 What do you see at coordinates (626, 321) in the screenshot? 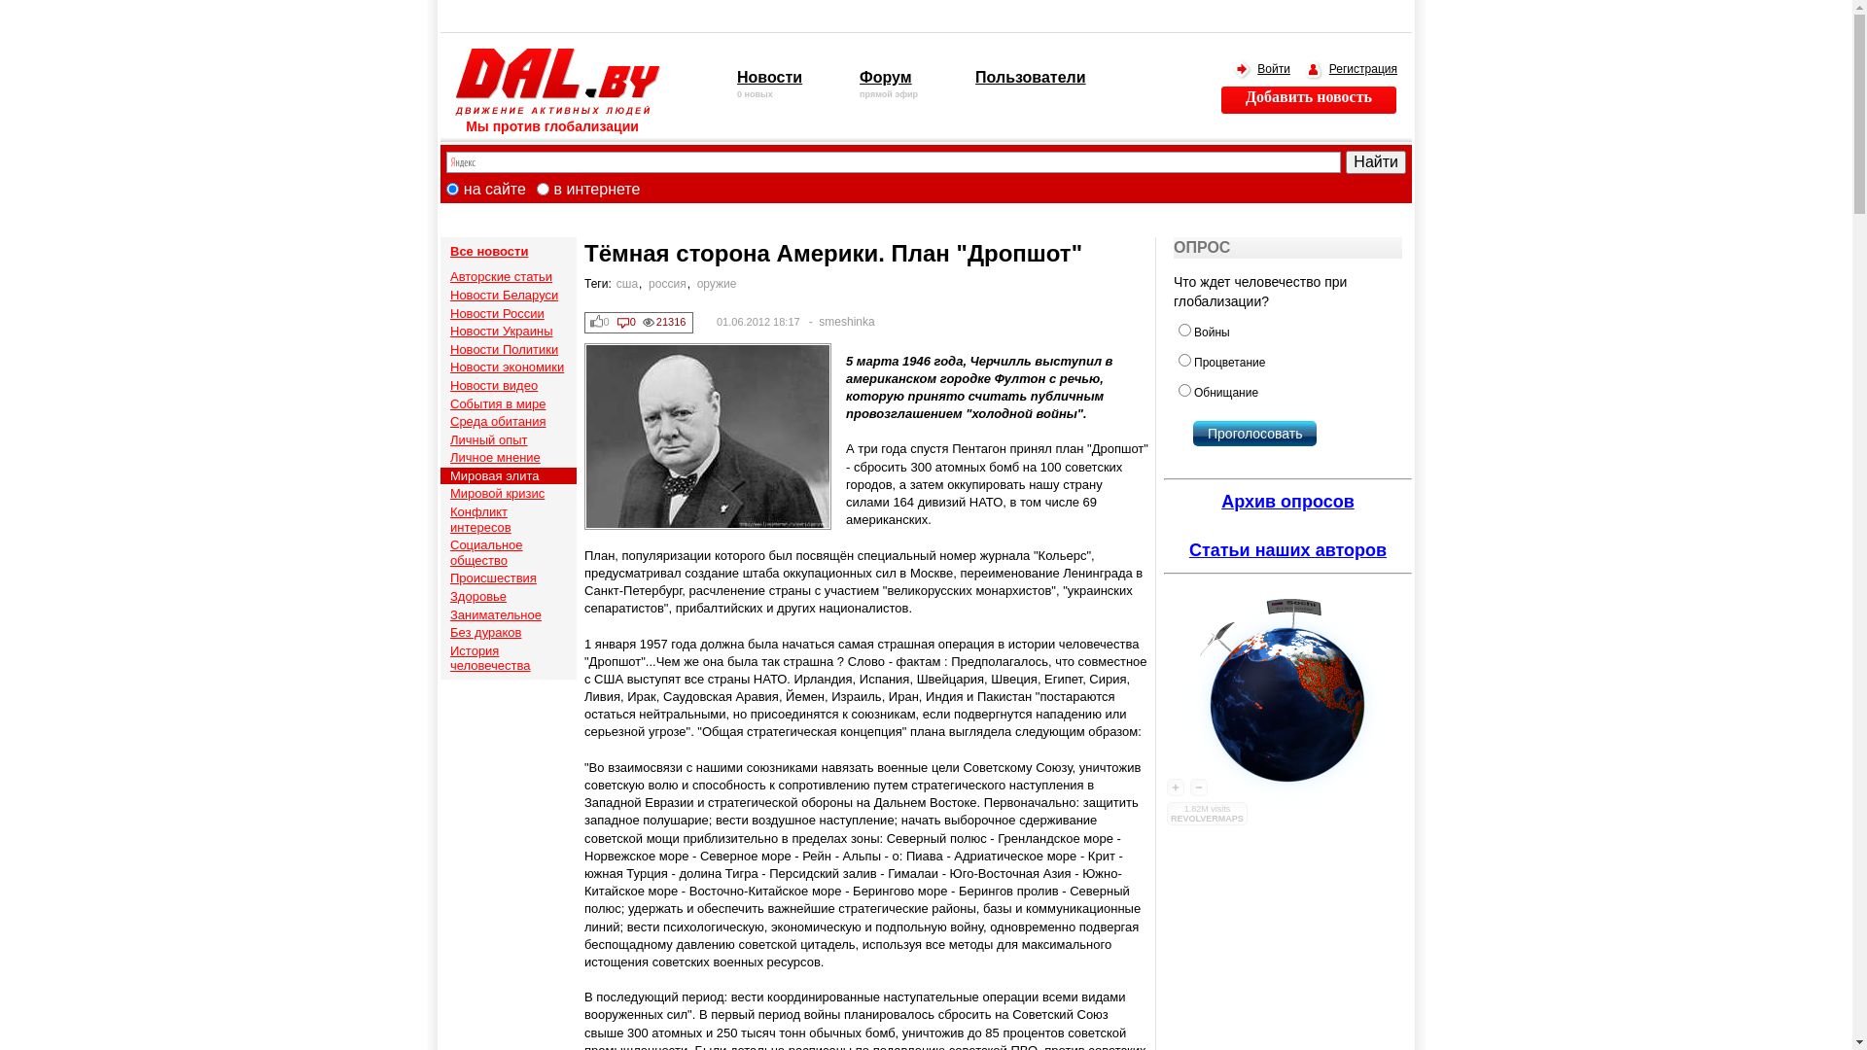
I see `'0'` at bounding box center [626, 321].